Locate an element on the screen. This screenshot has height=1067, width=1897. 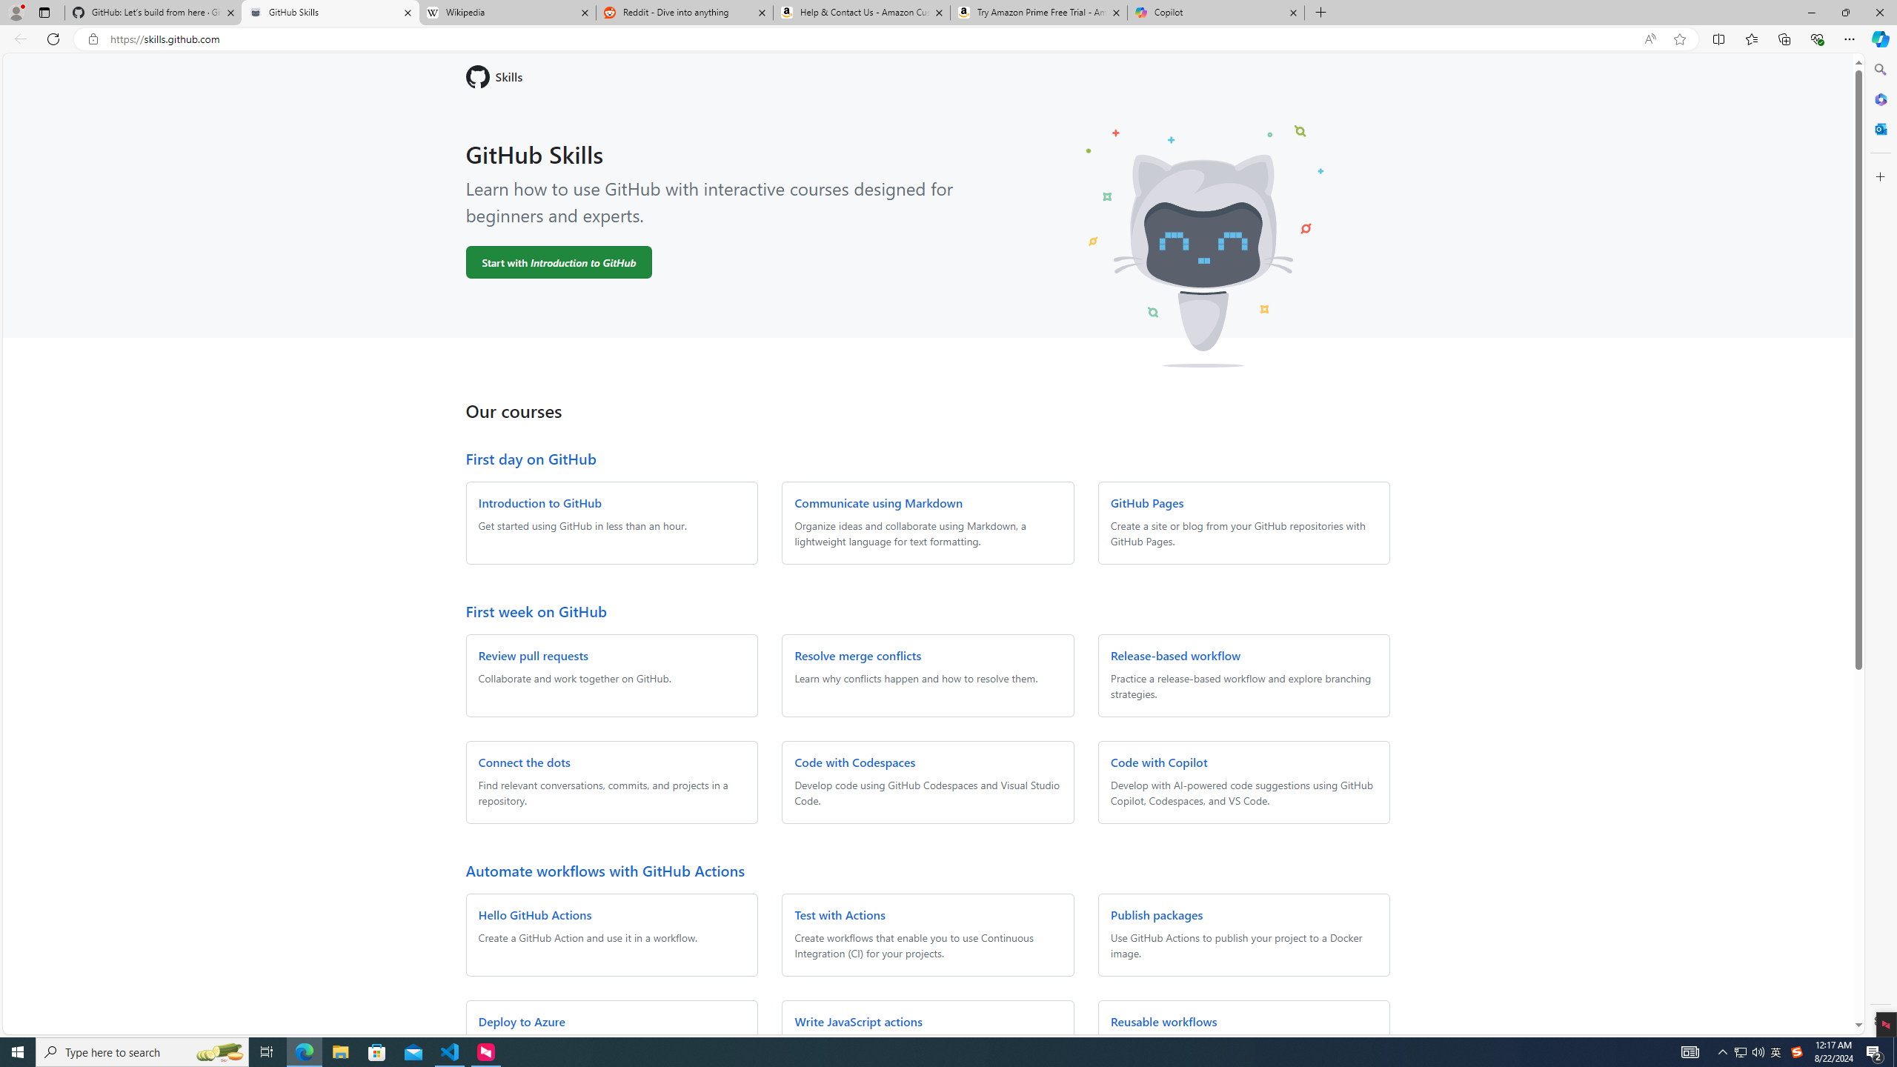
'Automate workflows with GitHub Actions' is located at coordinates (604, 869).